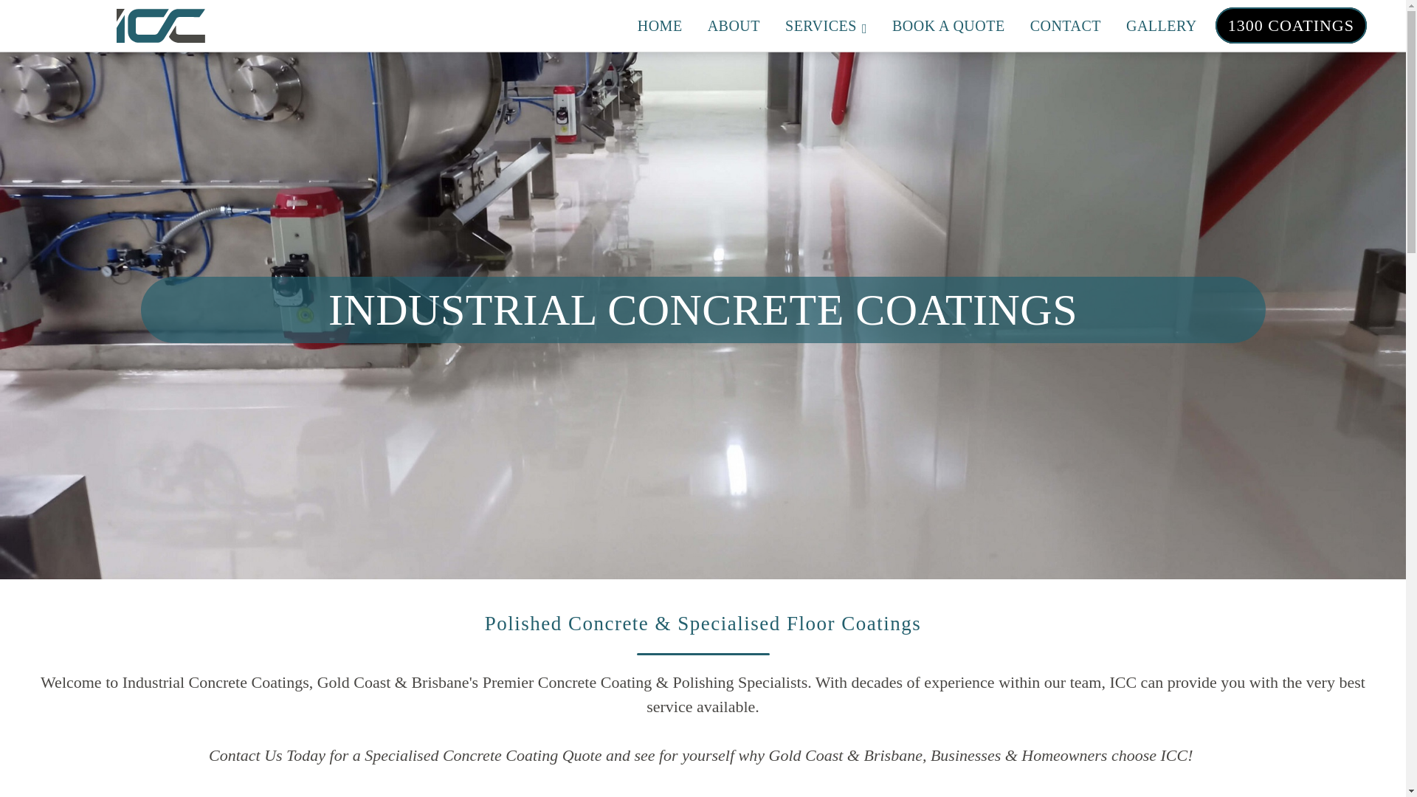 The image size is (1417, 797). I want to click on 'CONTACT', so click(1066, 25).